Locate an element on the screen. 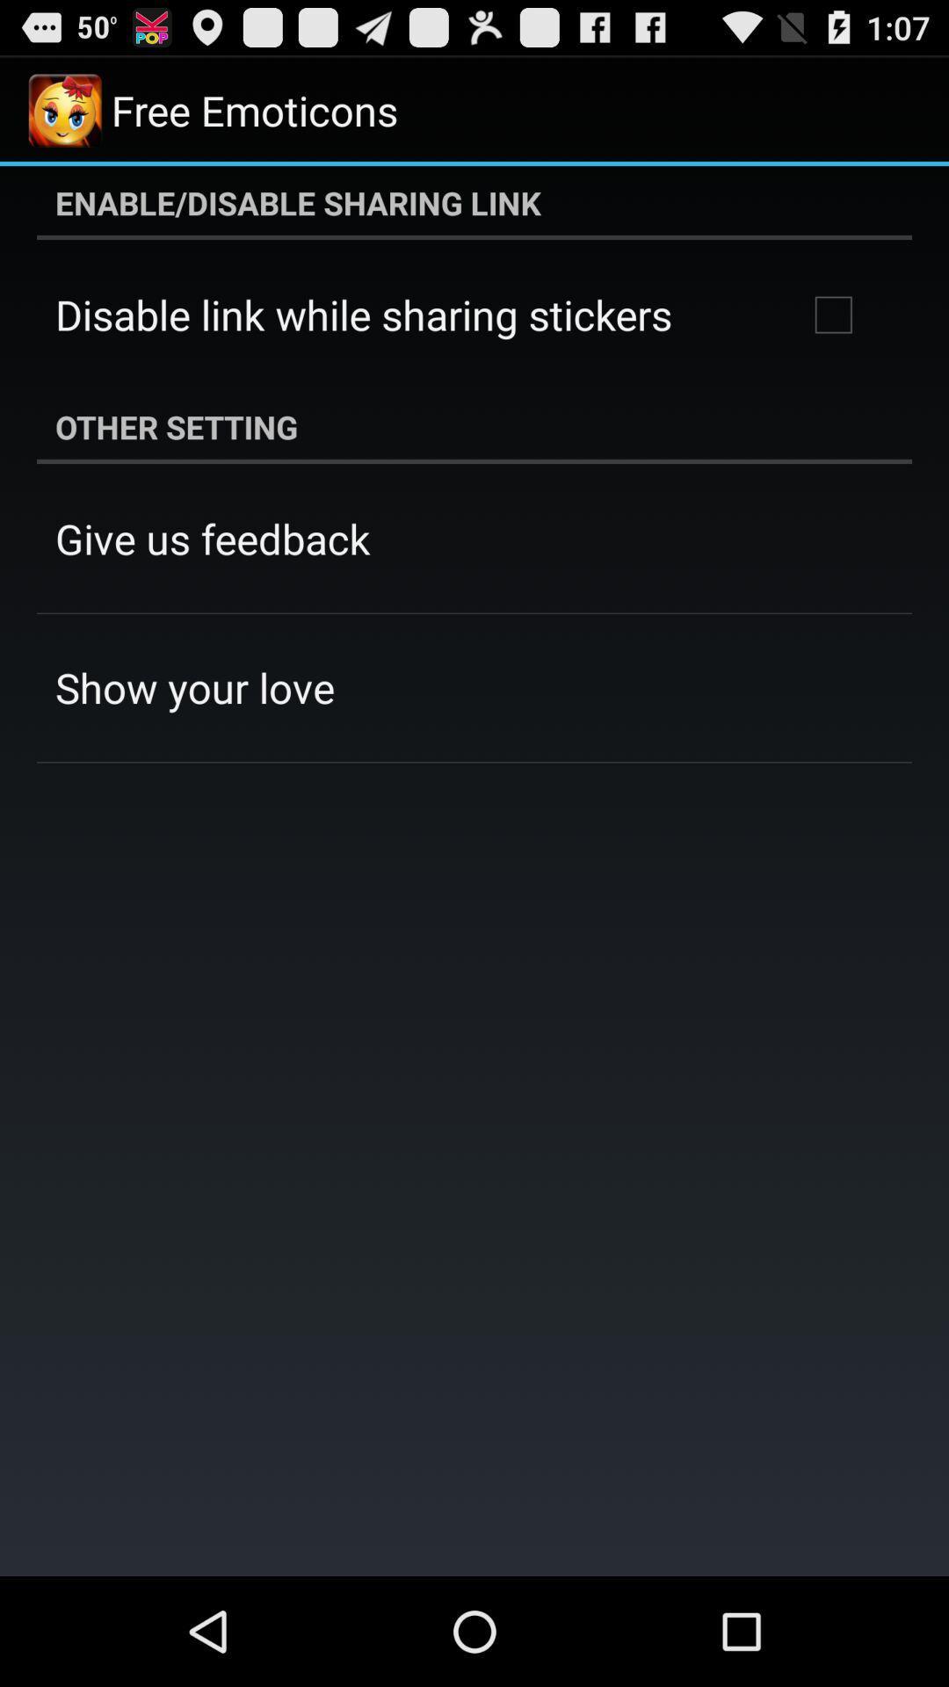 The width and height of the screenshot is (949, 1687). app next to the disable link while is located at coordinates (832, 315).